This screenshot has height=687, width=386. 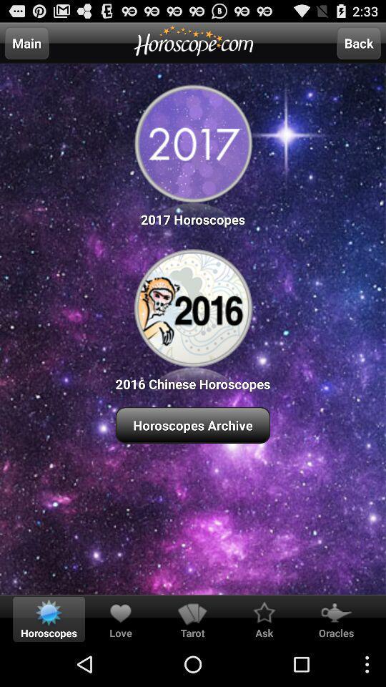 What do you see at coordinates (193, 153) in the screenshot?
I see `the icon above the 2016 chinese horoscopes item` at bounding box center [193, 153].